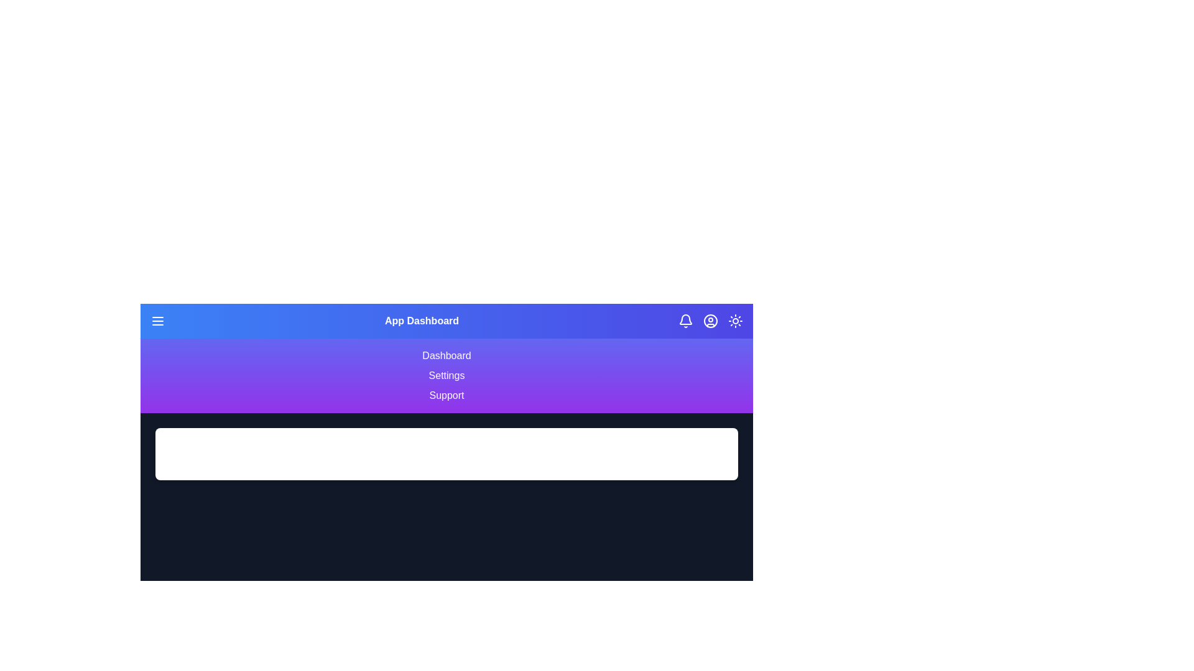  Describe the element at coordinates (157, 320) in the screenshot. I see `the menu icon to toggle the menu visibility` at that location.